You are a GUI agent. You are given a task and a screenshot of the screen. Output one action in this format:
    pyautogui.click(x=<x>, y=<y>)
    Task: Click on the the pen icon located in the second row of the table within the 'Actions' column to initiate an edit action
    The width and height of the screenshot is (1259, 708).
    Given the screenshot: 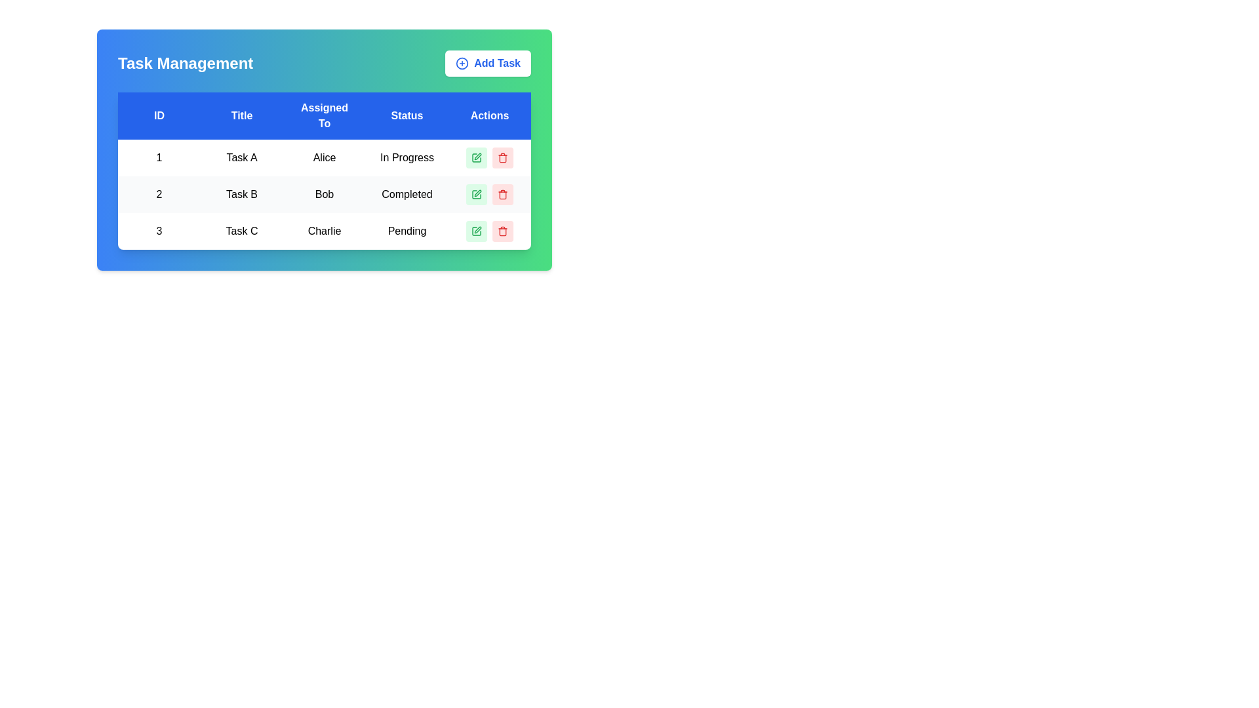 What is the action you would take?
    pyautogui.click(x=477, y=193)
    